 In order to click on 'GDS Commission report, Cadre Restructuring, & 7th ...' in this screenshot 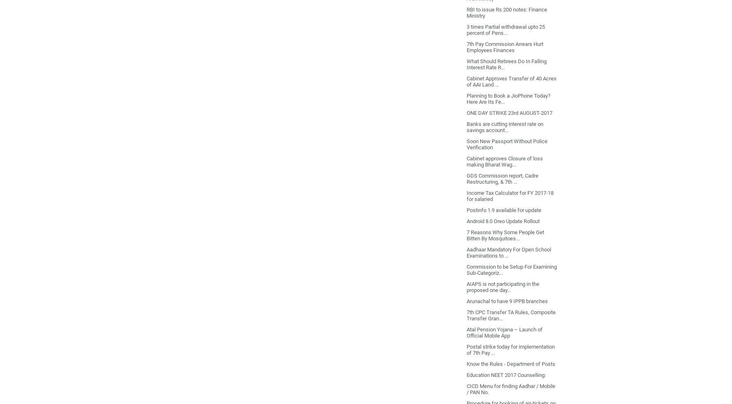, I will do `click(502, 178)`.